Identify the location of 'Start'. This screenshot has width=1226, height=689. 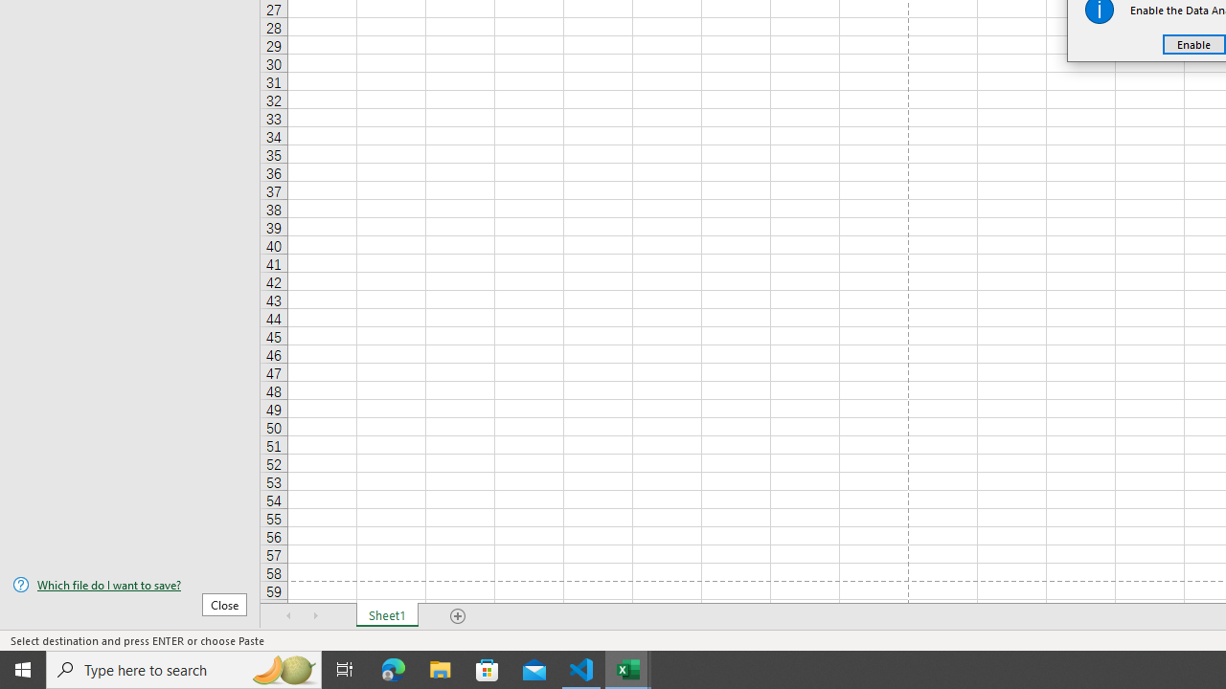
(23, 668).